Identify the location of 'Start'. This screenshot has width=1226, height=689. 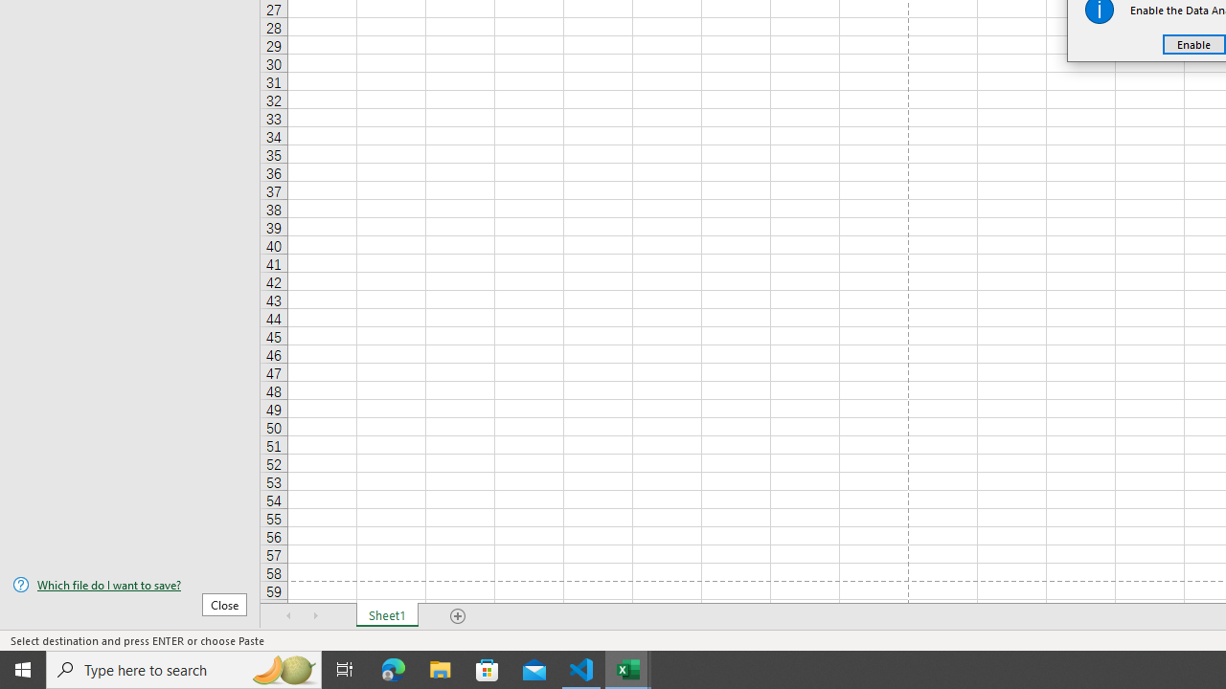
(23, 668).